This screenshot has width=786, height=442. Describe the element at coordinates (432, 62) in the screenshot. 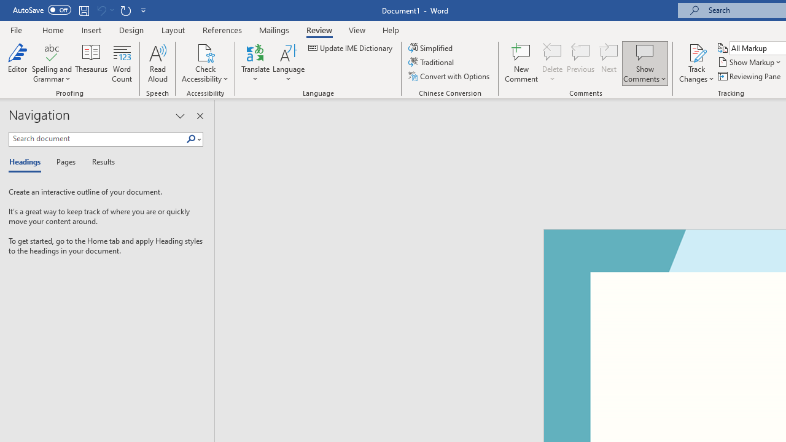

I see `'Traditional'` at that location.